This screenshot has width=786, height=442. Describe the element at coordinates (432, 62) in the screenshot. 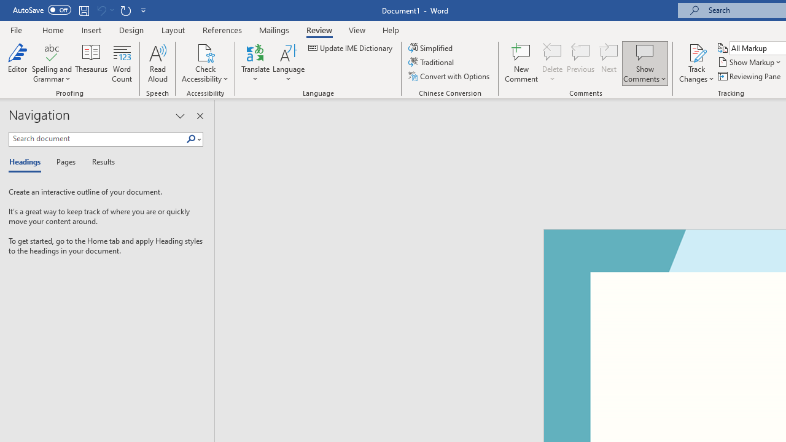

I see `'Traditional'` at that location.